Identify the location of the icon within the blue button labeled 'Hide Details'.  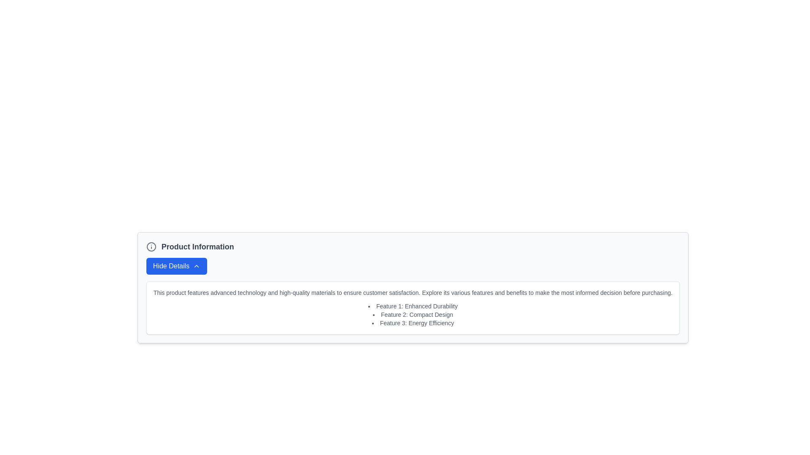
(196, 266).